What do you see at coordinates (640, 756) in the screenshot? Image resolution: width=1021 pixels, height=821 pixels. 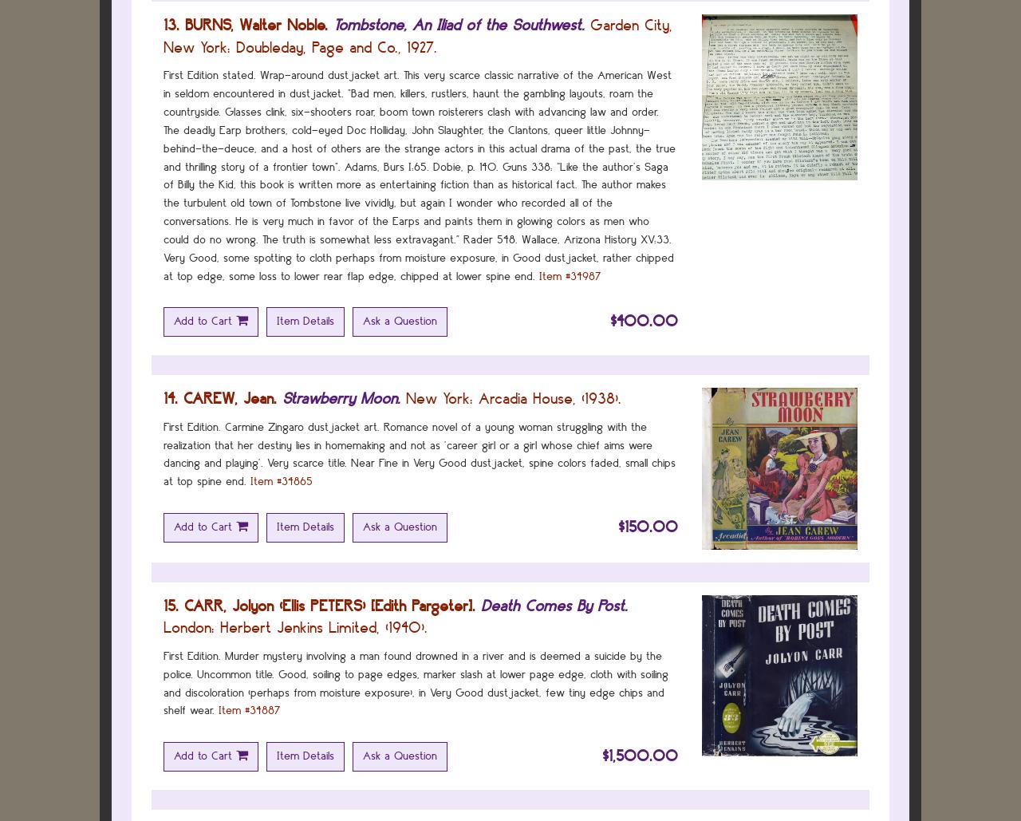 I see `'$1,500.00'` at bounding box center [640, 756].